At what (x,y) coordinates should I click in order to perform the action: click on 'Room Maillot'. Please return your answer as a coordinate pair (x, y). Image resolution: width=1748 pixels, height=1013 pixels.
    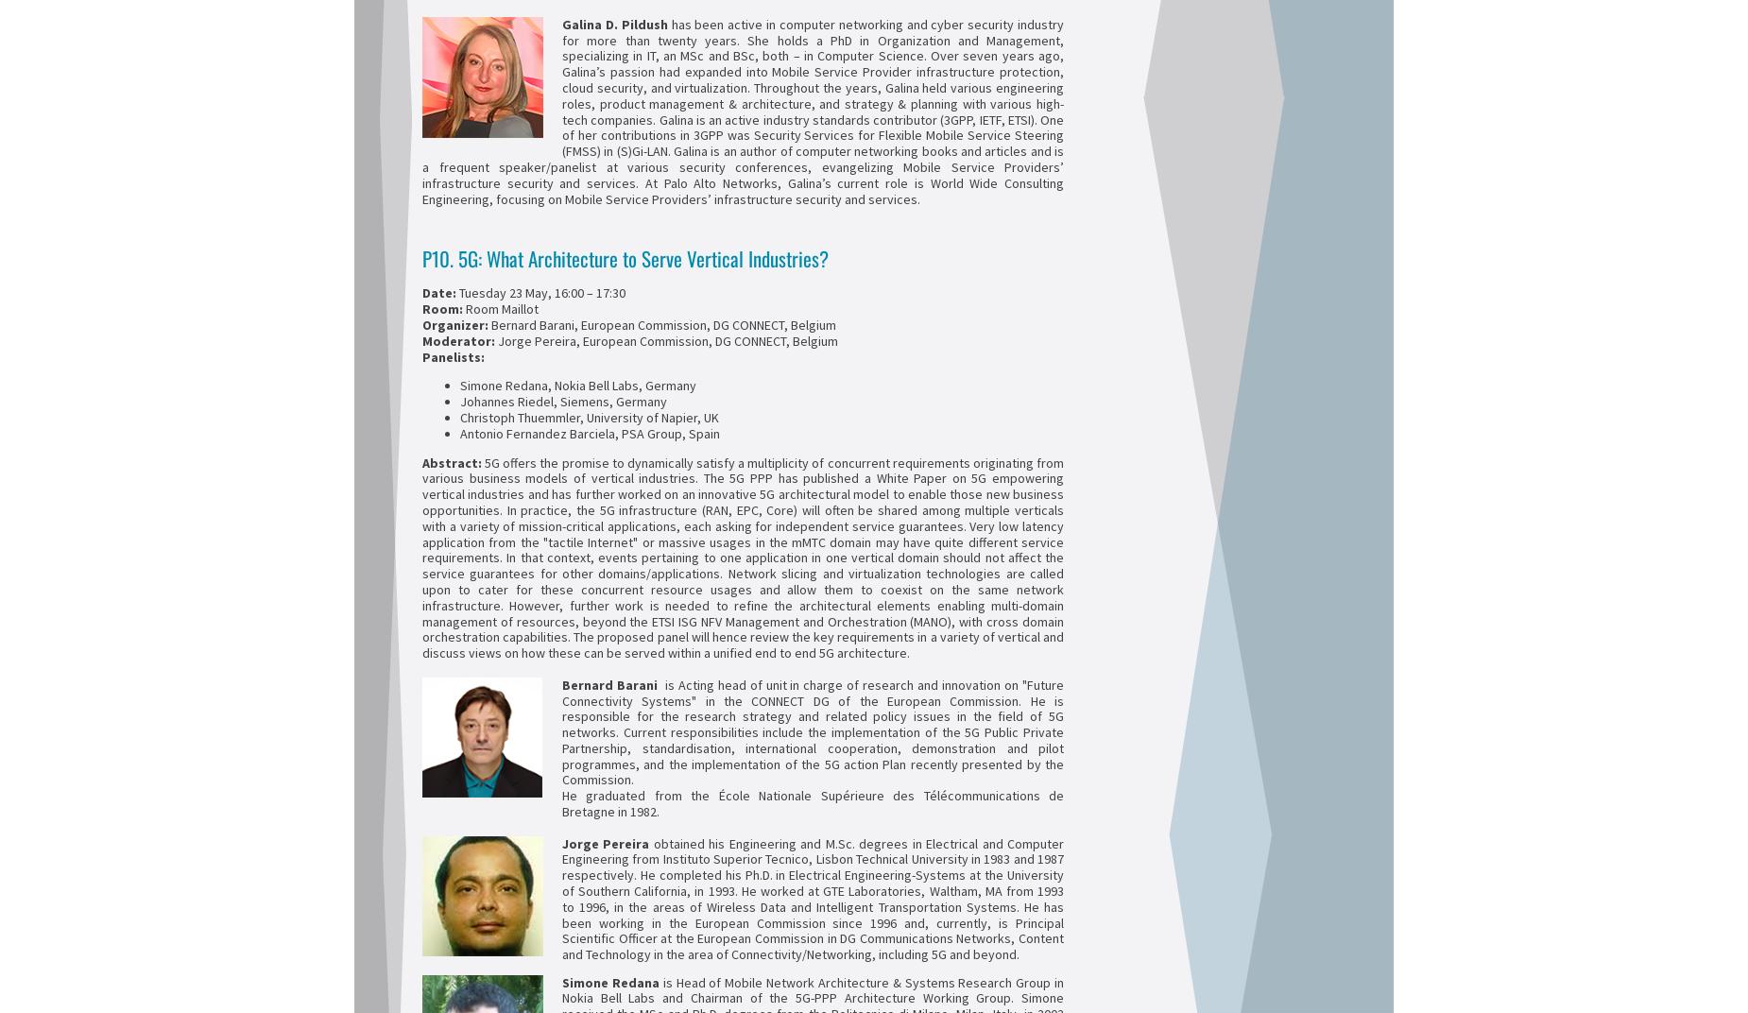
    Looking at the image, I should click on (501, 307).